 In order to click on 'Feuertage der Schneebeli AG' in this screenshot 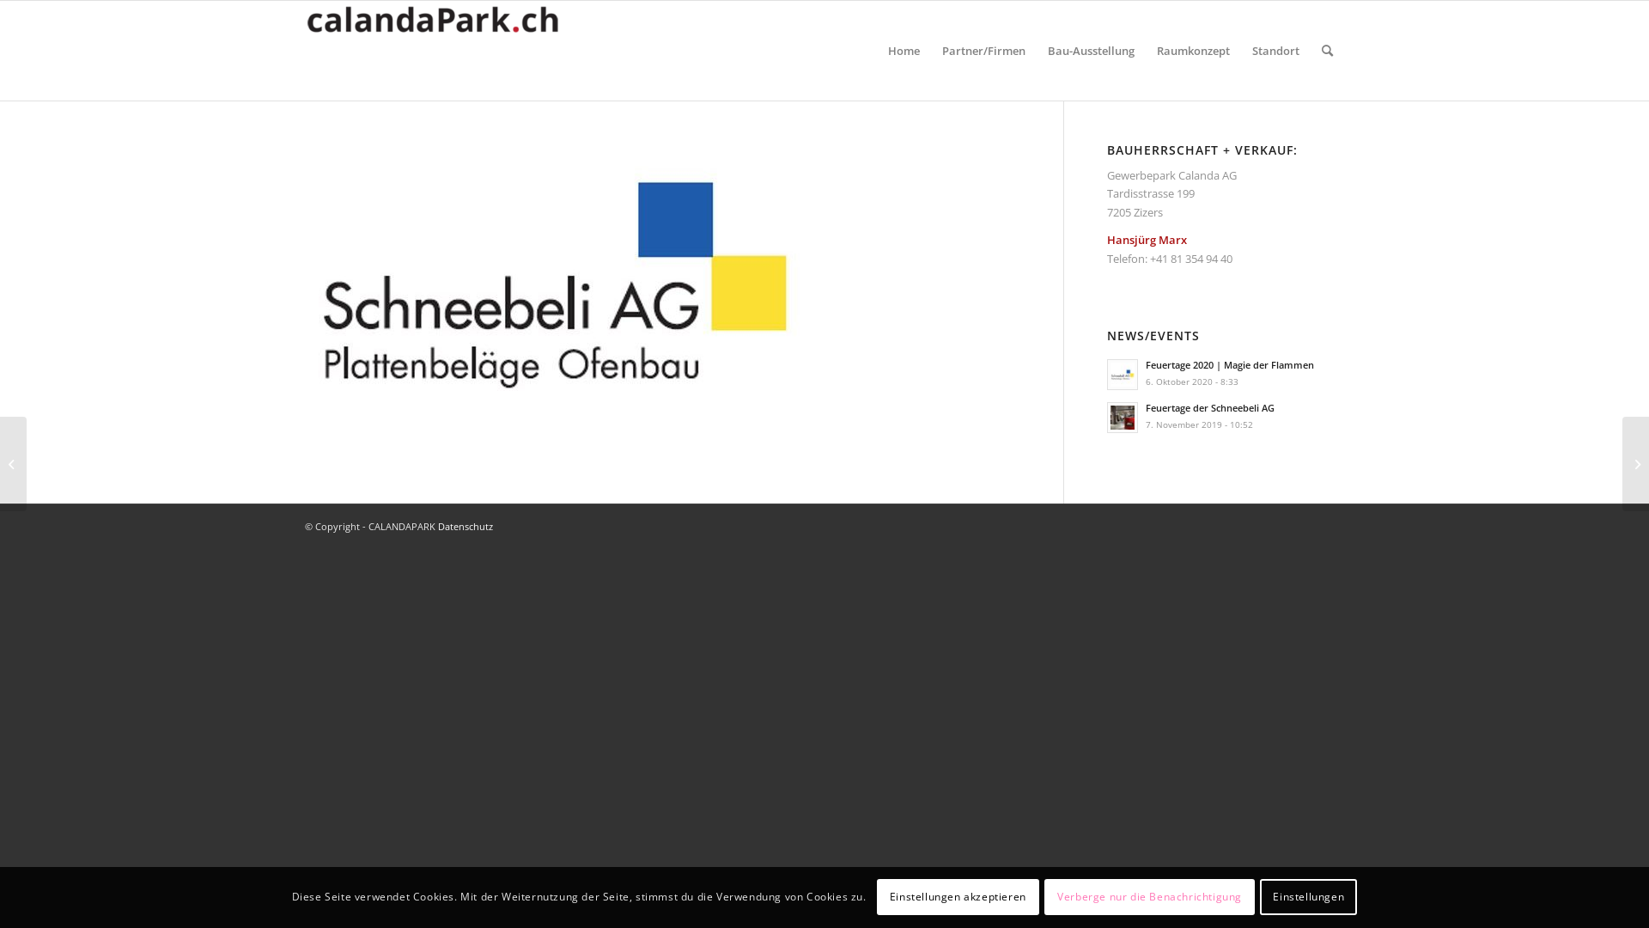, I will do `click(1209, 407)`.